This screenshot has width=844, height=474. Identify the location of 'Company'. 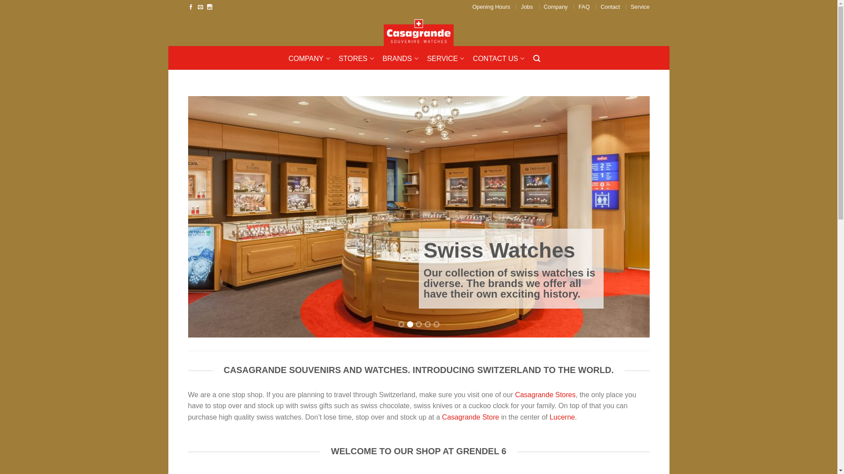
(543, 7).